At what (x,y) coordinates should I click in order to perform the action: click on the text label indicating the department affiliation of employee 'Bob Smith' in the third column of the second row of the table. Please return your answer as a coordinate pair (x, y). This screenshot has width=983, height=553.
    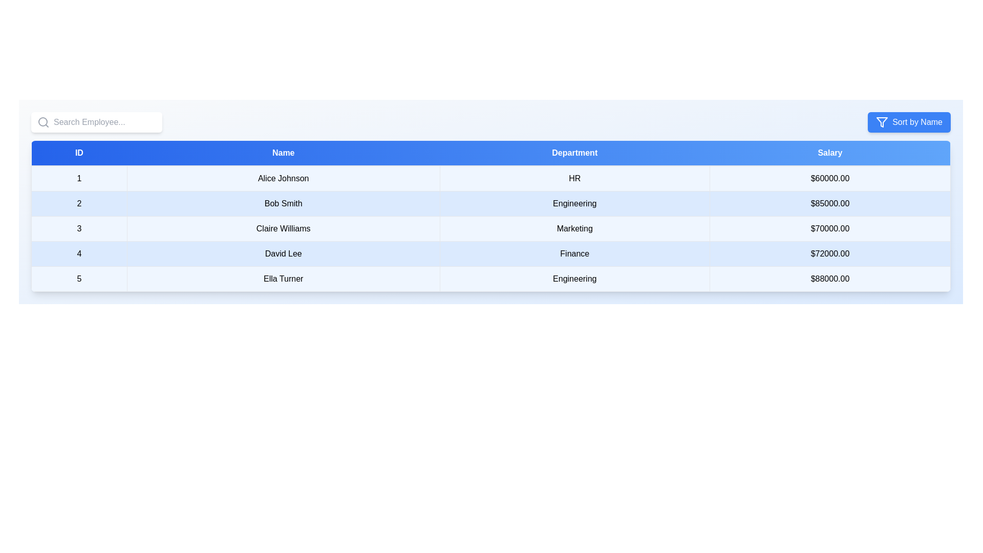
    Looking at the image, I should click on (574, 203).